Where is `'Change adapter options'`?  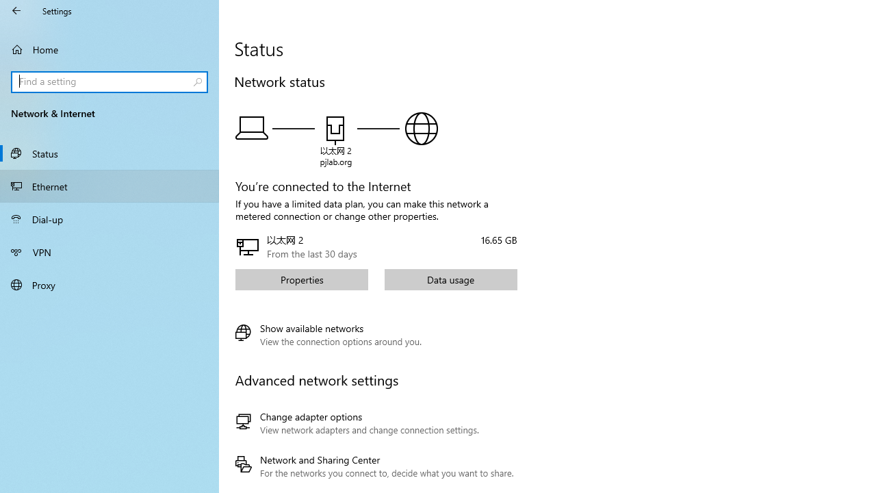
'Change adapter options' is located at coordinates (374, 422).